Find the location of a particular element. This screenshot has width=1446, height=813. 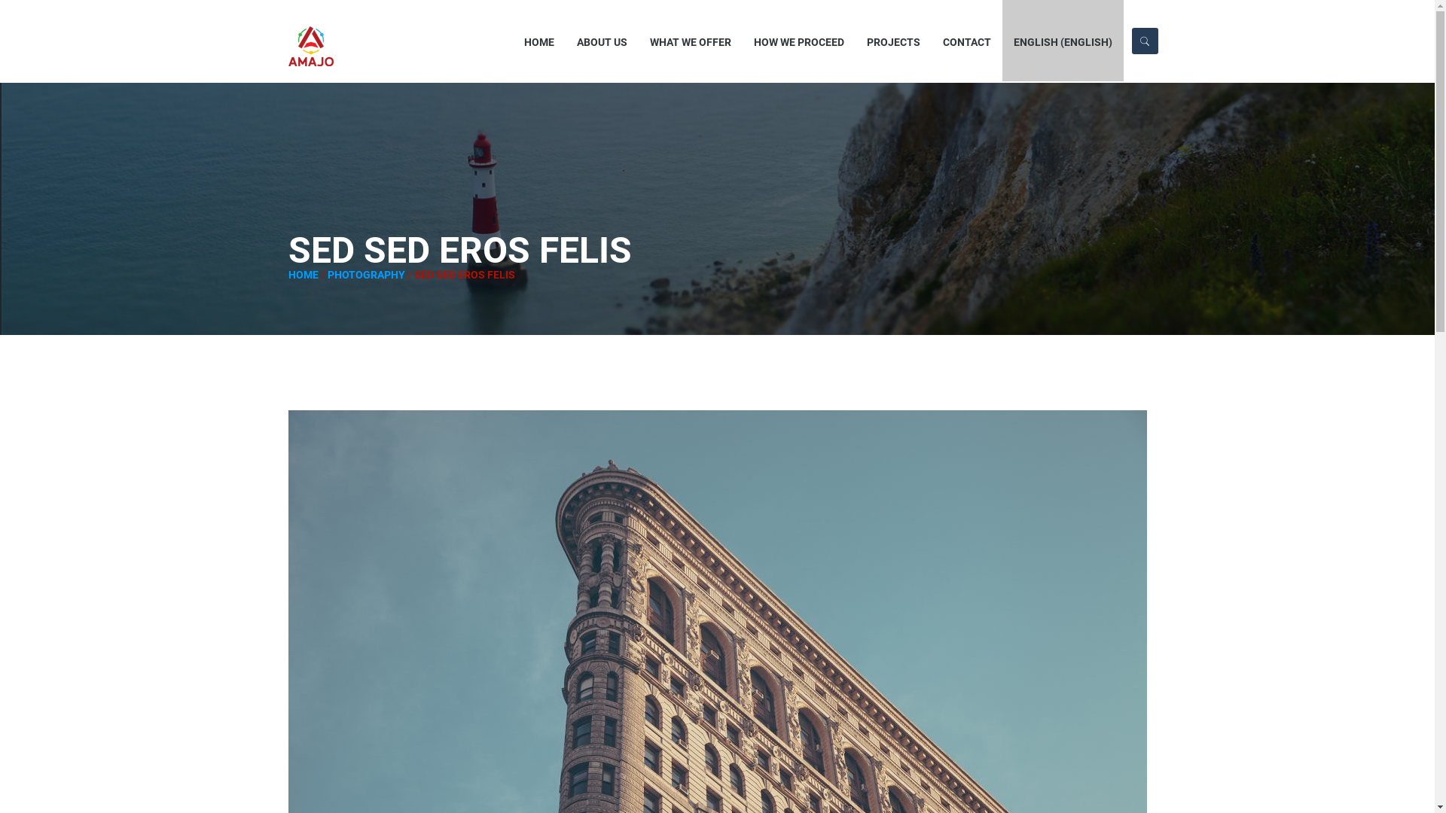

'ENGLISH (ENGLISH)' is located at coordinates (1002, 40).